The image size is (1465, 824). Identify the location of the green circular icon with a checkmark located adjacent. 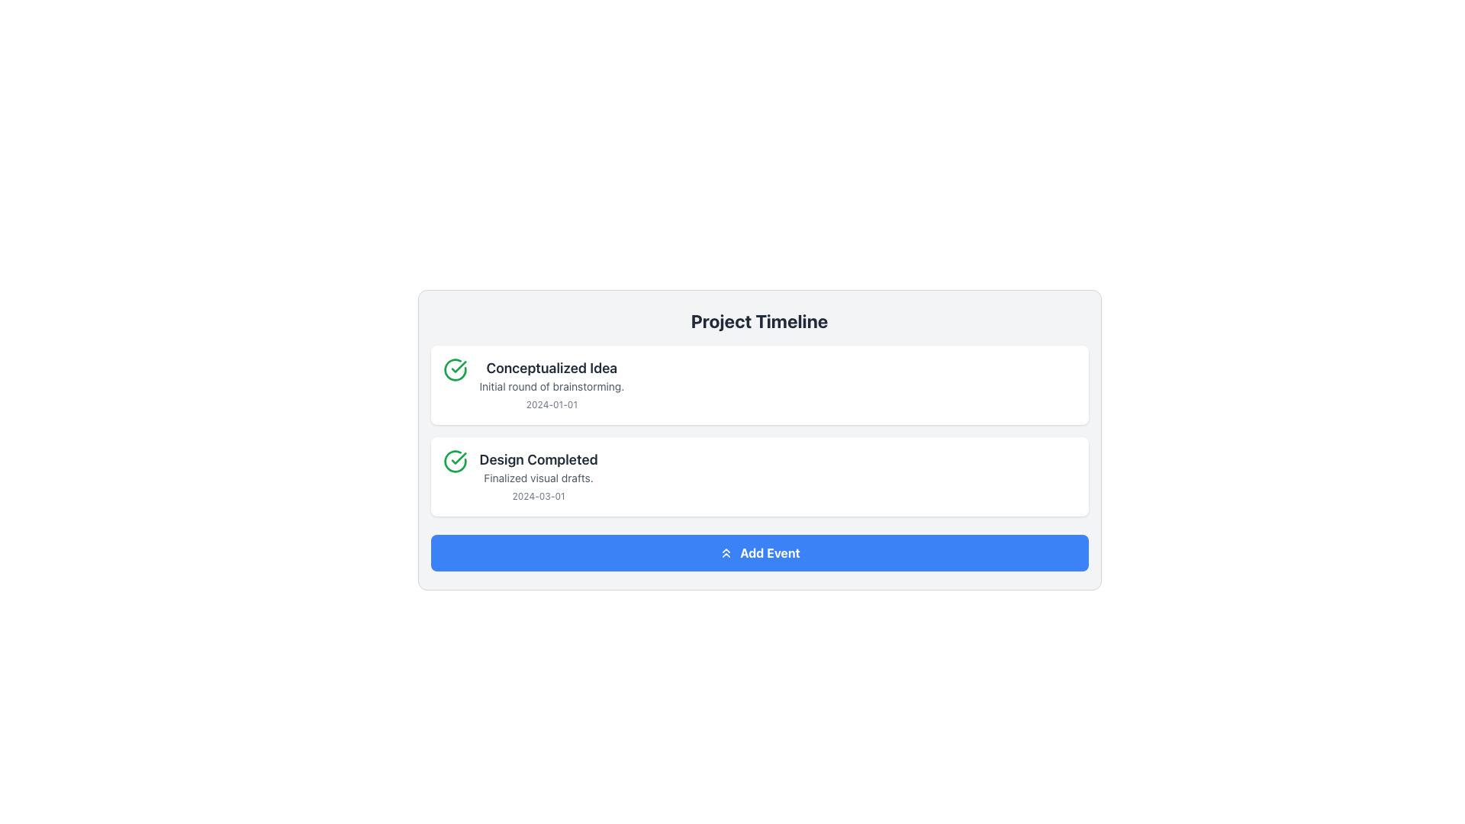
(454, 370).